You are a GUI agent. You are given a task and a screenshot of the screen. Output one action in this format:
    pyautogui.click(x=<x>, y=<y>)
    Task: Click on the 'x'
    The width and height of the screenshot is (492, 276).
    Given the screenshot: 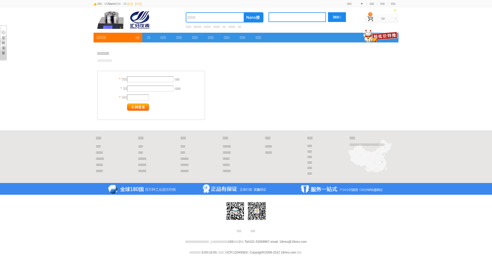 What is the action you would take?
    pyautogui.click(x=395, y=10)
    